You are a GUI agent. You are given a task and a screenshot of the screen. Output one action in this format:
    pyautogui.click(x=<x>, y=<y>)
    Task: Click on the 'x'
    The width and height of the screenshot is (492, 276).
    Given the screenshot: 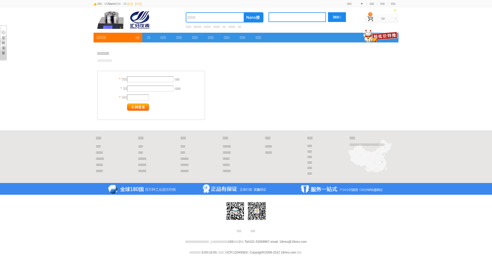 What is the action you would take?
    pyautogui.click(x=395, y=10)
    